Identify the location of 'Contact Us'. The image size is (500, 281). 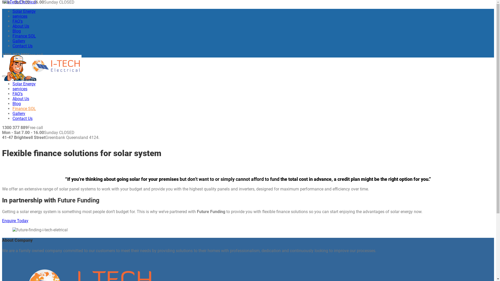
(12, 46).